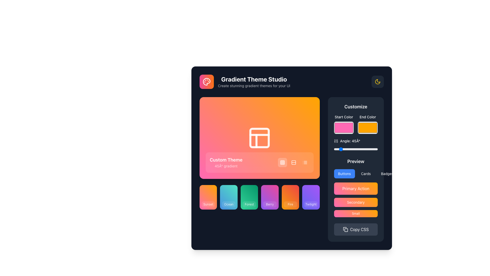 This screenshot has width=490, height=276. I want to click on the 'Custom Theme' static text label, which is in bold, white font and positioned above the '45° gradient' text on a gradient-colored background, so click(226, 159).